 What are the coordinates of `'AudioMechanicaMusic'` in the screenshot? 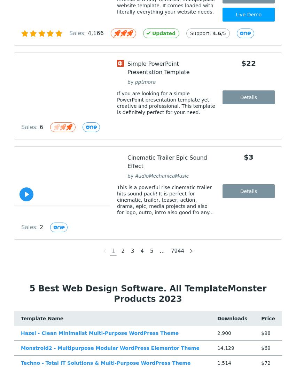 It's located at (161, 176).